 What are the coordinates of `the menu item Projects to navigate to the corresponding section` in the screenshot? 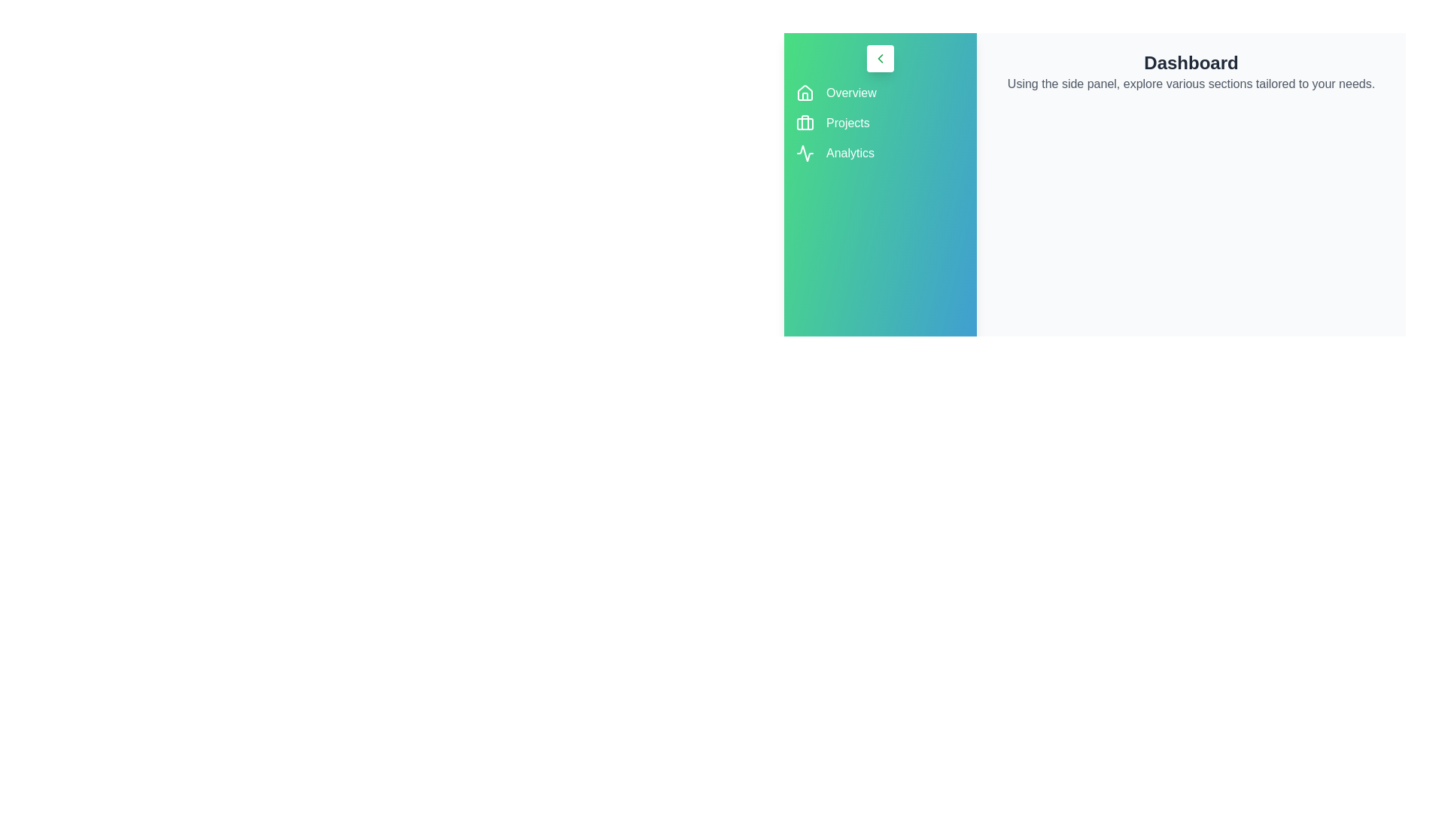 It's located at (847, 123).